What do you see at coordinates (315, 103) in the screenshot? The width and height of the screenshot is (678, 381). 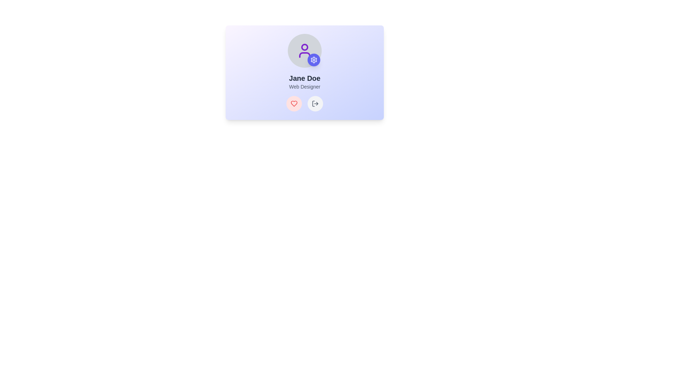 I see `the logout icon button located at the bottom right of the main card interface` at bounding box center [315, 103].